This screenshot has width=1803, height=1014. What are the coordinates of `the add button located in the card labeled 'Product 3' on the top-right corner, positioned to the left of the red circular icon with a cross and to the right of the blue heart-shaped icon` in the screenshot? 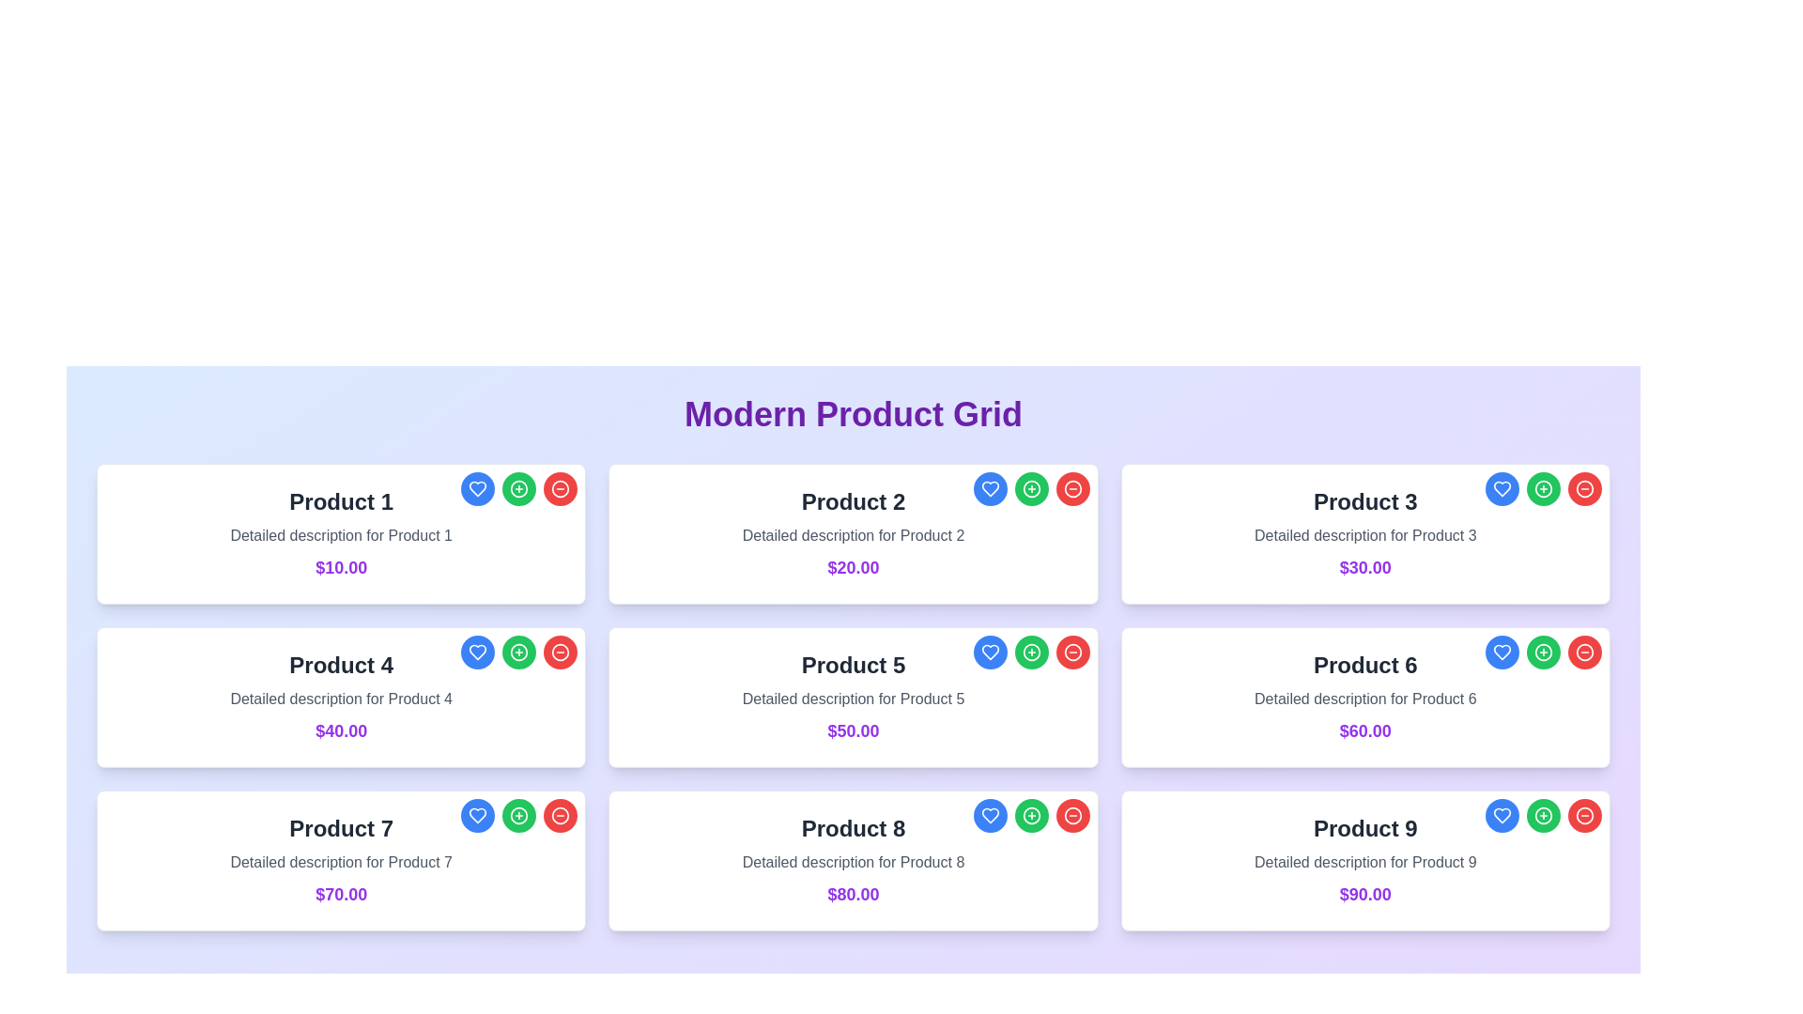 It's located at (1543, 487).